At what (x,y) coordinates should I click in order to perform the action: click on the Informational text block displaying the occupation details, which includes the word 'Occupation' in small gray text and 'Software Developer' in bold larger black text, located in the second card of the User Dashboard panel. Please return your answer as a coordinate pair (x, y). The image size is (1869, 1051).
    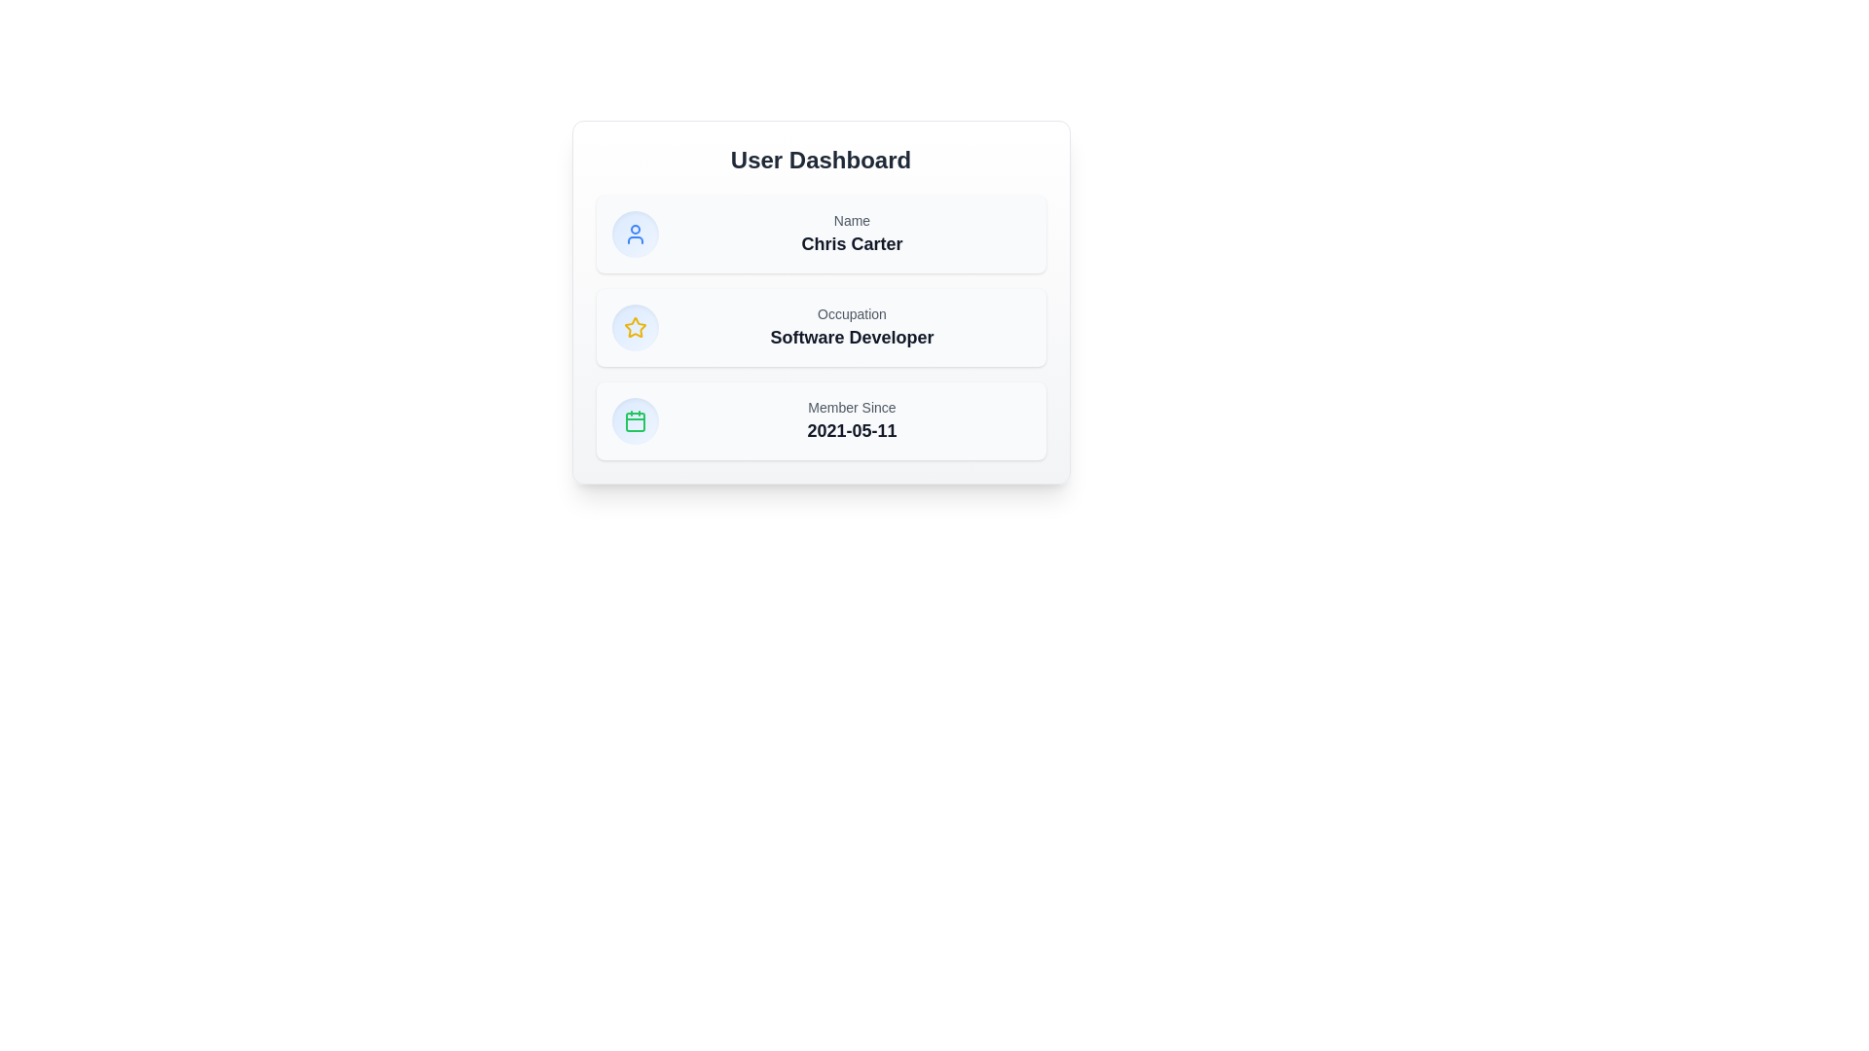
    Looking at the image, I should click on (821, 326).